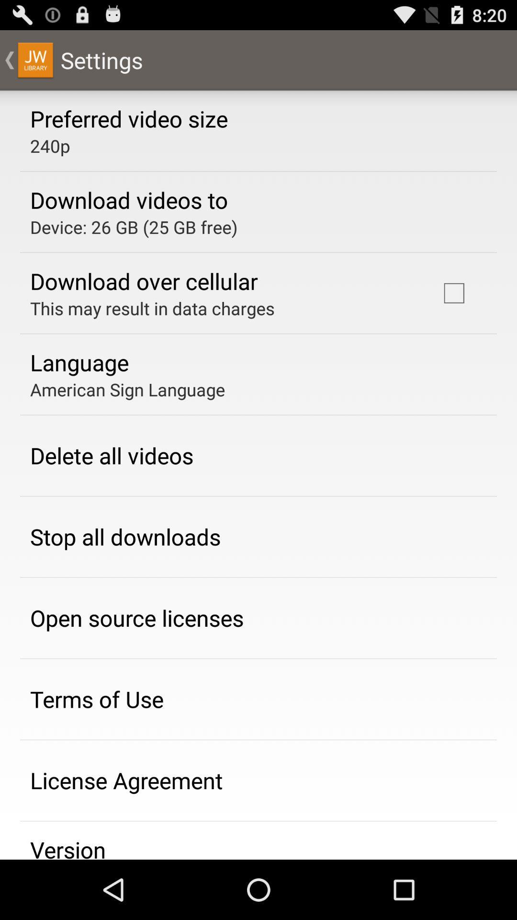 This screenshot has height=920, width=517. I want to click on the item above language item, so click(152, 308).